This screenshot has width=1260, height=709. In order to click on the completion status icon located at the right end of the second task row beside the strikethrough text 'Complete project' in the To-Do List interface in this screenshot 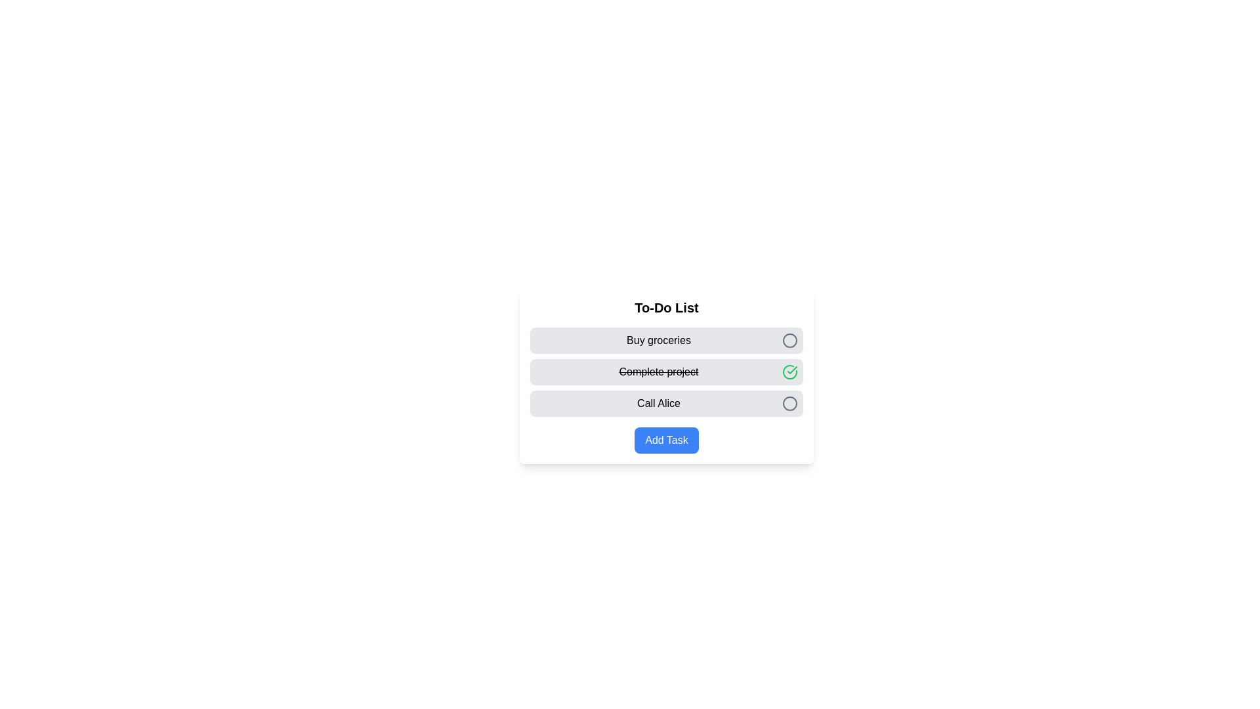, I will do `click(791, 370)`.